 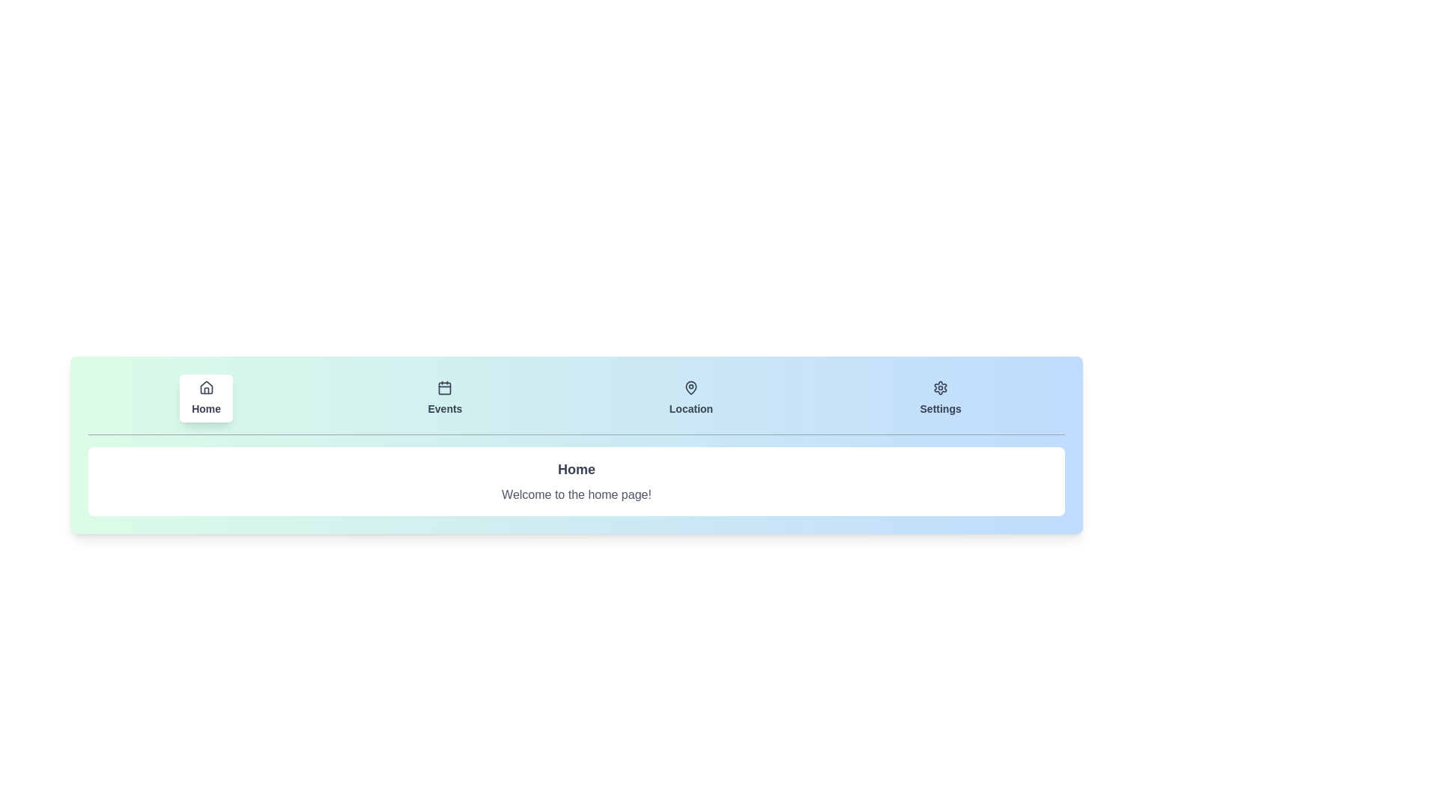 I want to click on the tab labeled Location to observe the visual feedback, so click(x=690, y=398).